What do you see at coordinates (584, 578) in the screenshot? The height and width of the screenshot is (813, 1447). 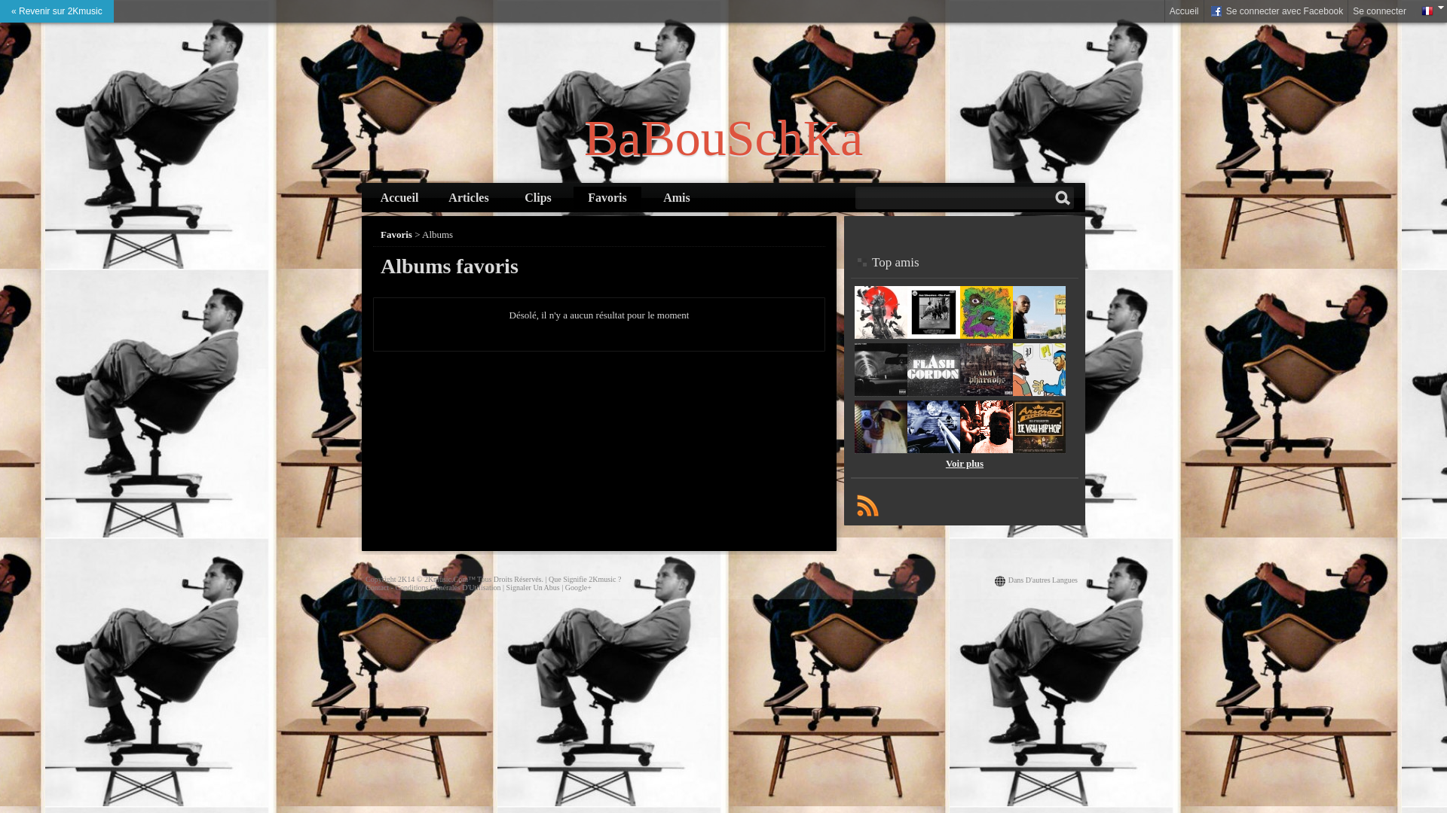 I see `'Que Signifie 2Kmusic ?'` at bounding box center [584, 578].